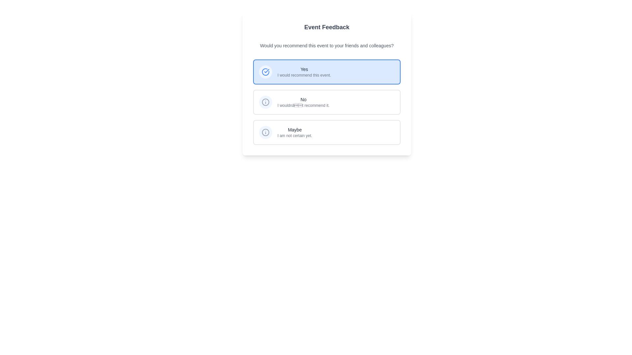  I want to click on the 'Yes' option icon in the Event Feedback survey, which indicates selection of the 'Yes' feedback, so click(265, 72).